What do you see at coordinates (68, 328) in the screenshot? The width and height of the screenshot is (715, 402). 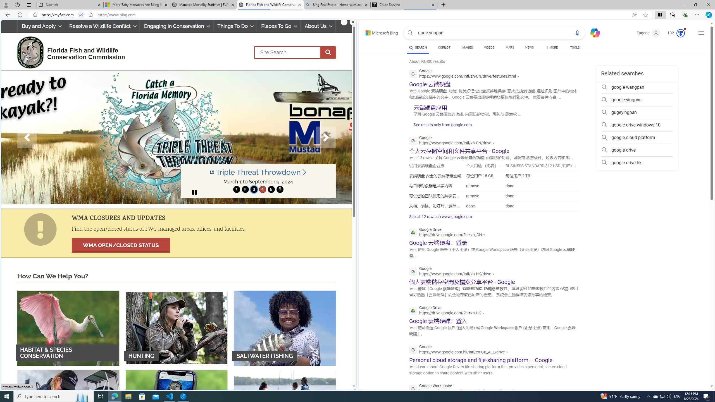 I see `'HABITAT & SPECIES CONSERVATION'` at bounding box center [68, 328].